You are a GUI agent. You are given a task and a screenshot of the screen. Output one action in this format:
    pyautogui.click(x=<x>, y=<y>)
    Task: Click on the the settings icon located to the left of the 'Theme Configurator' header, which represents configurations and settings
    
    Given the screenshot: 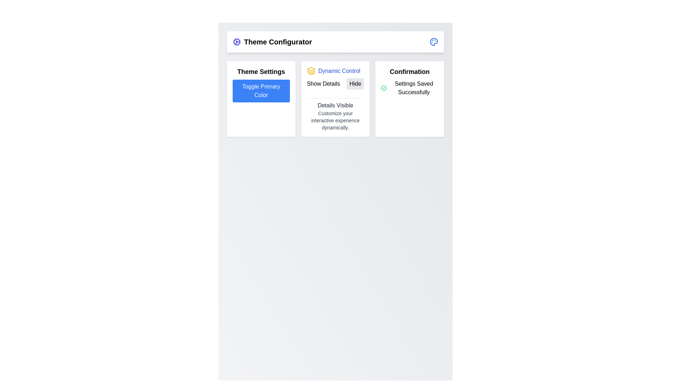 What is the action you would take?
    pyautogui.click(x=237, y=42)
    